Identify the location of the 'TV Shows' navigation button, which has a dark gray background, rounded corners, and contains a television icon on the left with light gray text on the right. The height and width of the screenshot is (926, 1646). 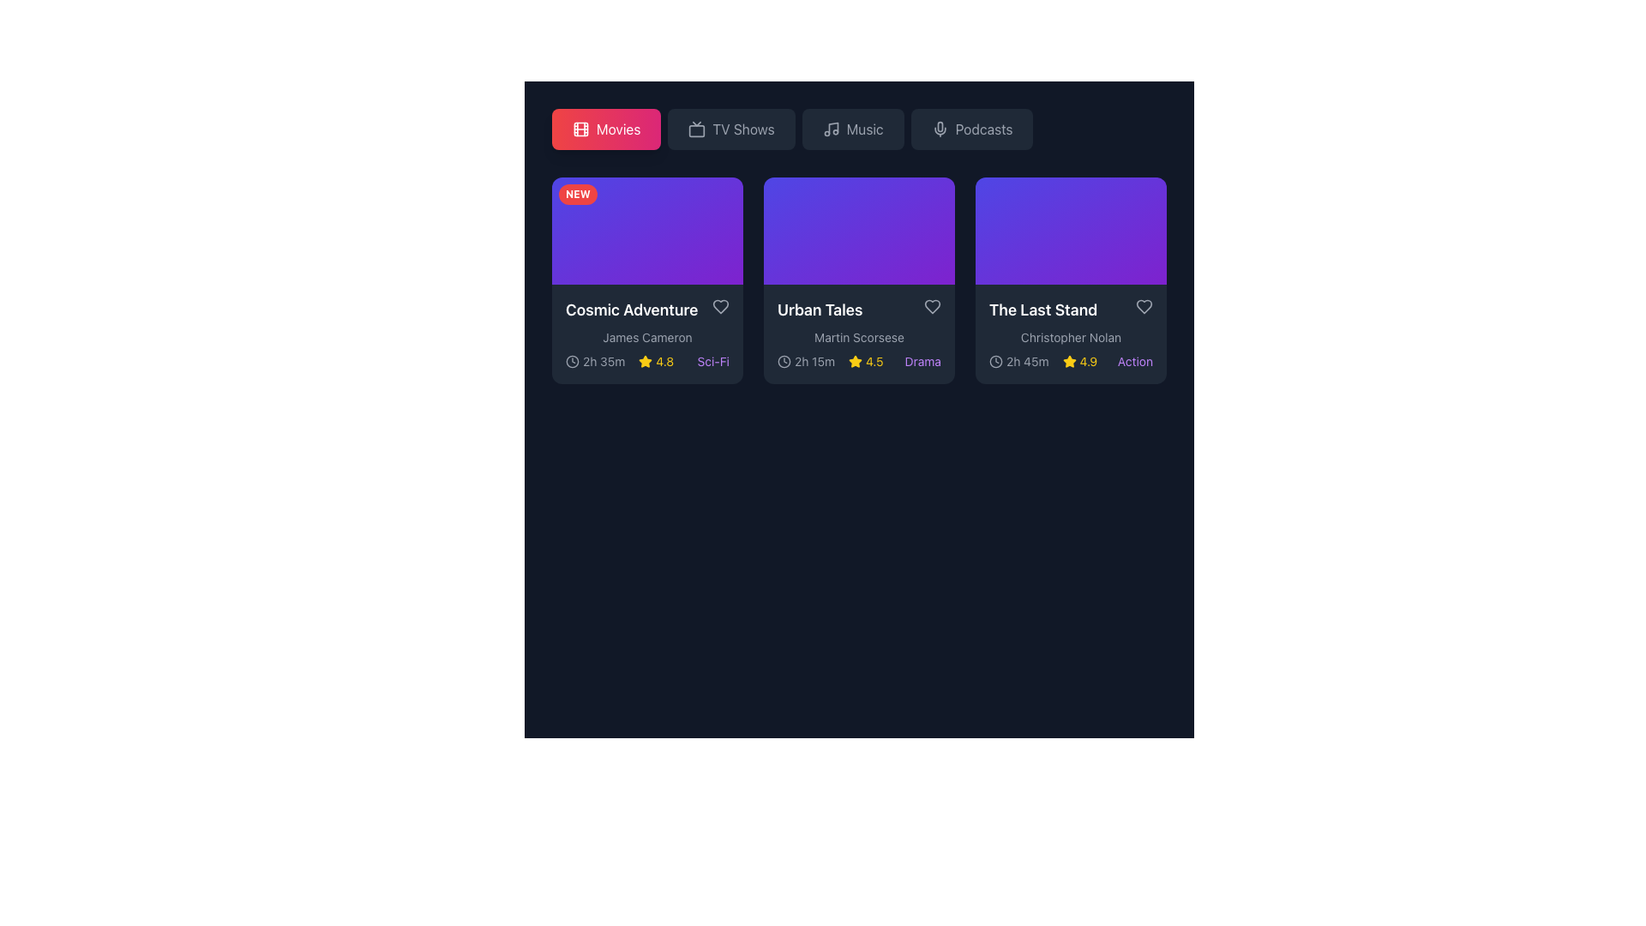
(731, 128).